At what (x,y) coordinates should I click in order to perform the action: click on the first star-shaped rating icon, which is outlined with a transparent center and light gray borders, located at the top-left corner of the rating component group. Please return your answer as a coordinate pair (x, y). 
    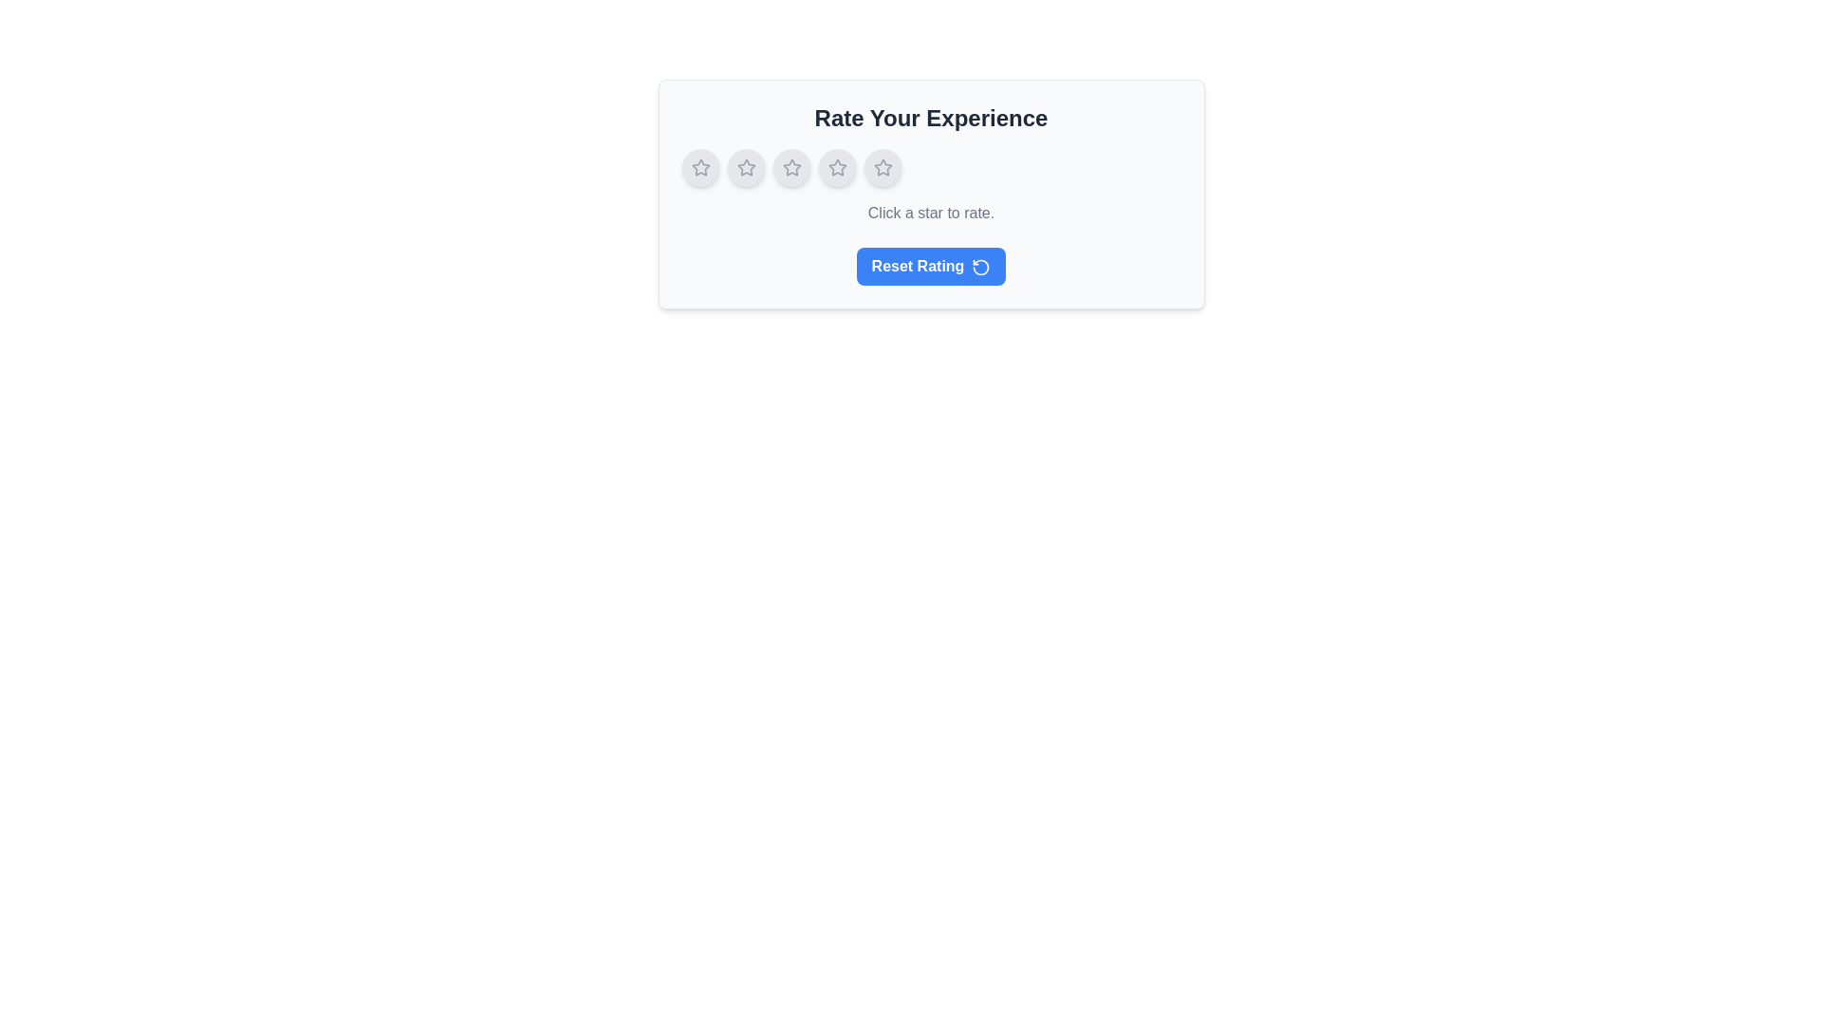
    Looking at the image, I should click on (699, 167).